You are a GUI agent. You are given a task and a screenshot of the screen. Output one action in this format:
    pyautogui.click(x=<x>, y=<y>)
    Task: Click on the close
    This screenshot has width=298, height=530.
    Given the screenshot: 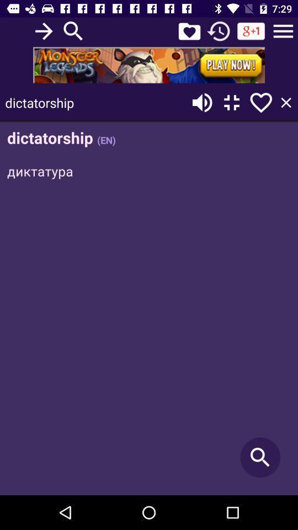 What is the action you would take?
    pyautogui.click(x=286, y=103)
    